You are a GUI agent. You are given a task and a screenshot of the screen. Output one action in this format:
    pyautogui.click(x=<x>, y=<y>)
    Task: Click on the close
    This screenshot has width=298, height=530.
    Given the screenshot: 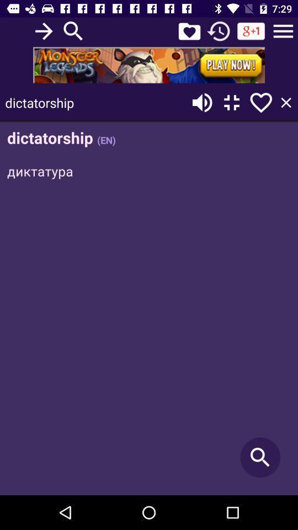 What is the action you would take?
    pyautogui.click(x=286, y=103)
    